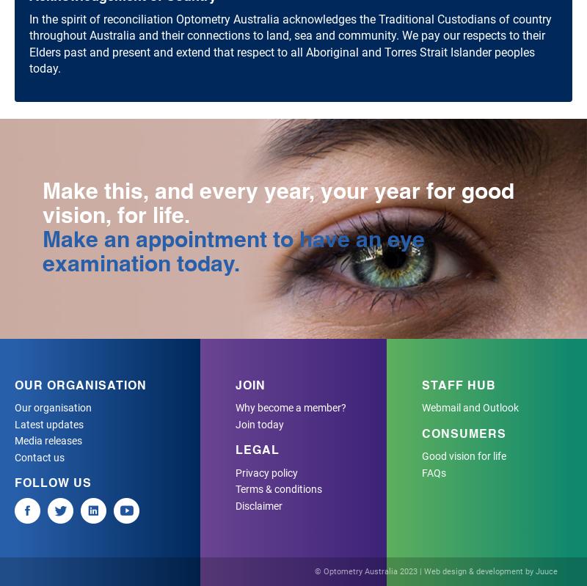 The height and width of the screenshot is (586, 587). I want to click on 'Webmail and Outlook', so click(469, 408).